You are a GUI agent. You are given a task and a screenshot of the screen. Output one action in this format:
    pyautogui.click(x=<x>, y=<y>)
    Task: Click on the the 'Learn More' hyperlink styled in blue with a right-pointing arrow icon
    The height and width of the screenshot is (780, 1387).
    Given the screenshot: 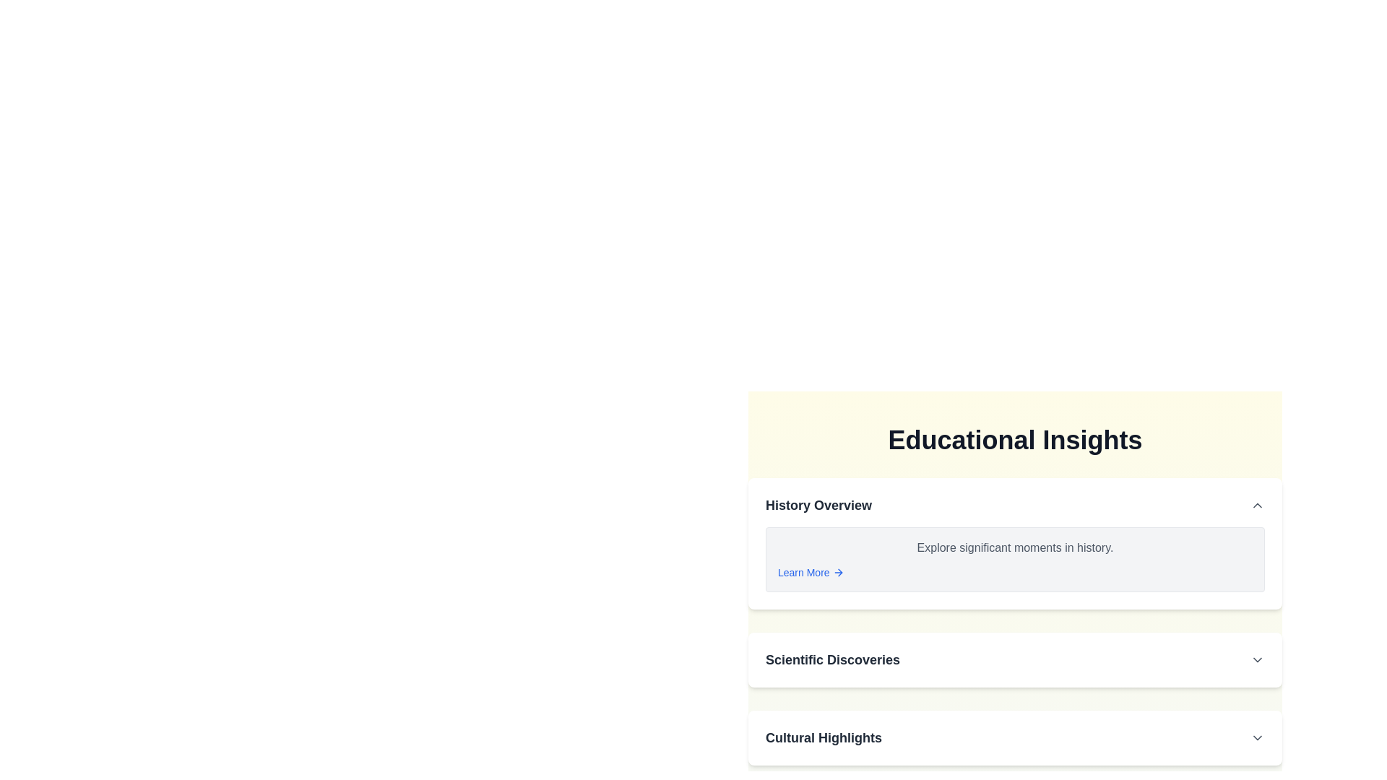 What is the action you would take?
    pyautogui.click(x=811, y=572)
    